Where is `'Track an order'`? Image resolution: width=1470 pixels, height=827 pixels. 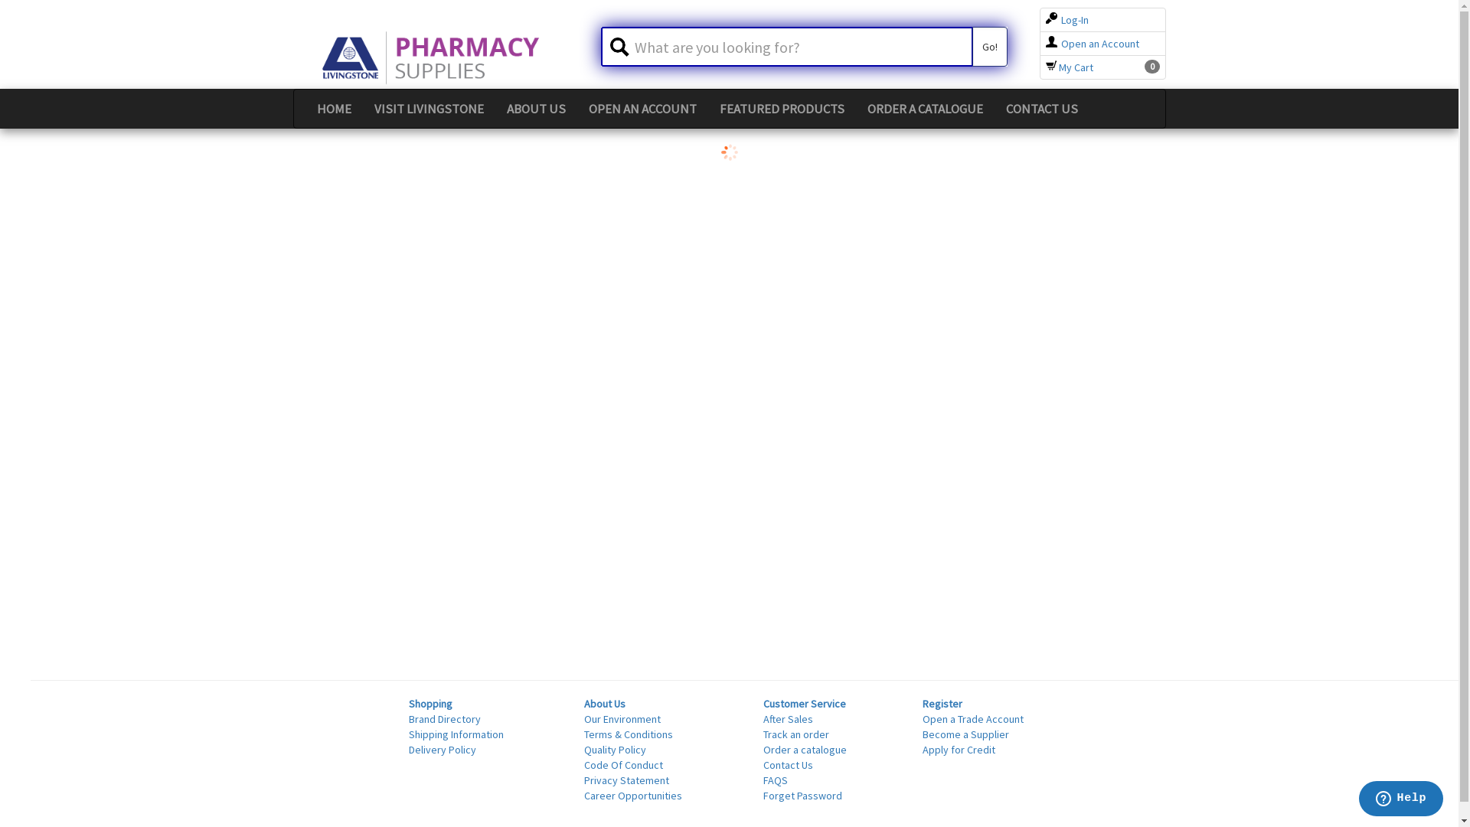
'Track an order' is located at coordinates (796, 734).